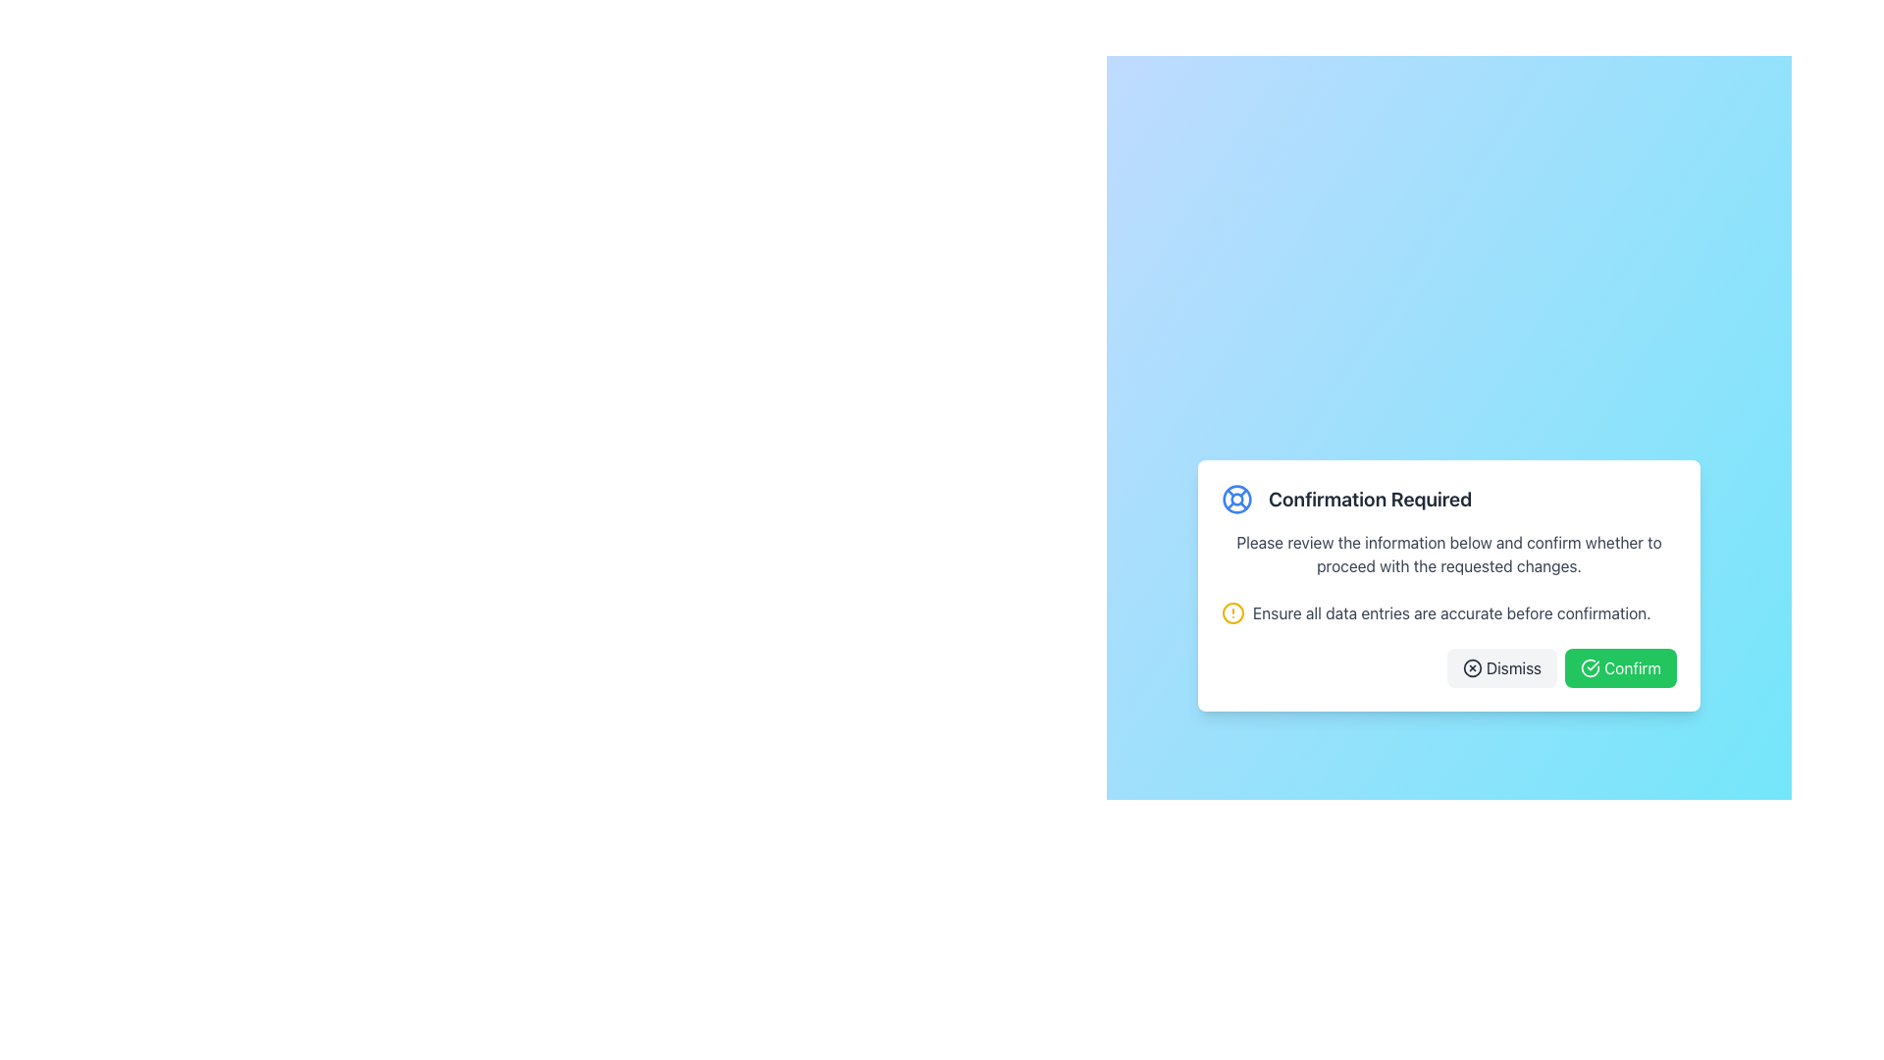 This screenshot has width=1884, height=1060. What do you see at coordinates (1232, 611) in the screenshot?
I see `the warning symbol icon, which is a yellow circular alert graphic located to the left of the instructional text 'Ensure all data entries are accurate before confirmation.'` at bounding box center [1232, 611].